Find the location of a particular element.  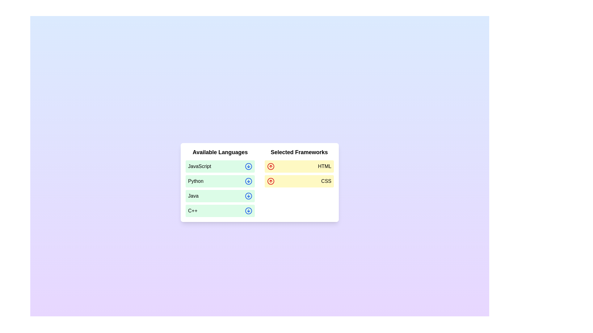

the icon corresponding to Java is located at coordinates (249, 196).